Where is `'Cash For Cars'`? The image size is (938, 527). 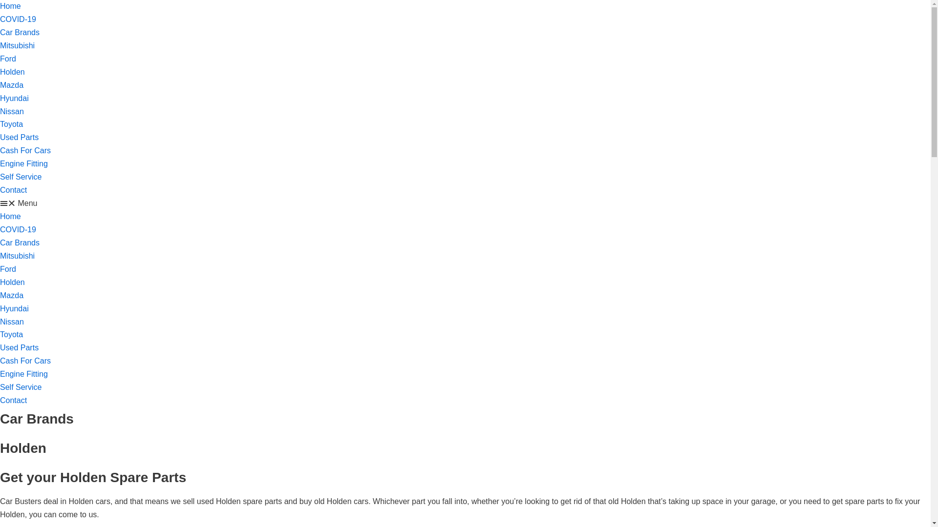 'Cash For Cars' is located at coordinates (25, 361).